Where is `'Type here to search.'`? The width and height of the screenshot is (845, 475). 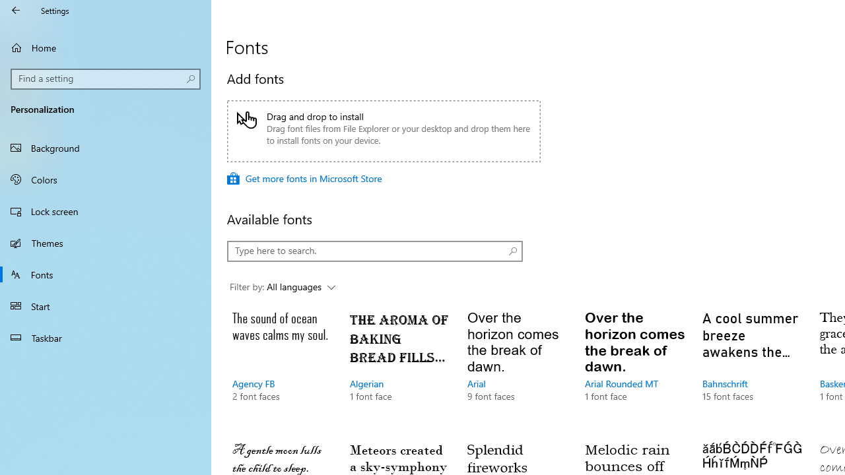
'Type here to search.' is located at coordinates (374, 251).